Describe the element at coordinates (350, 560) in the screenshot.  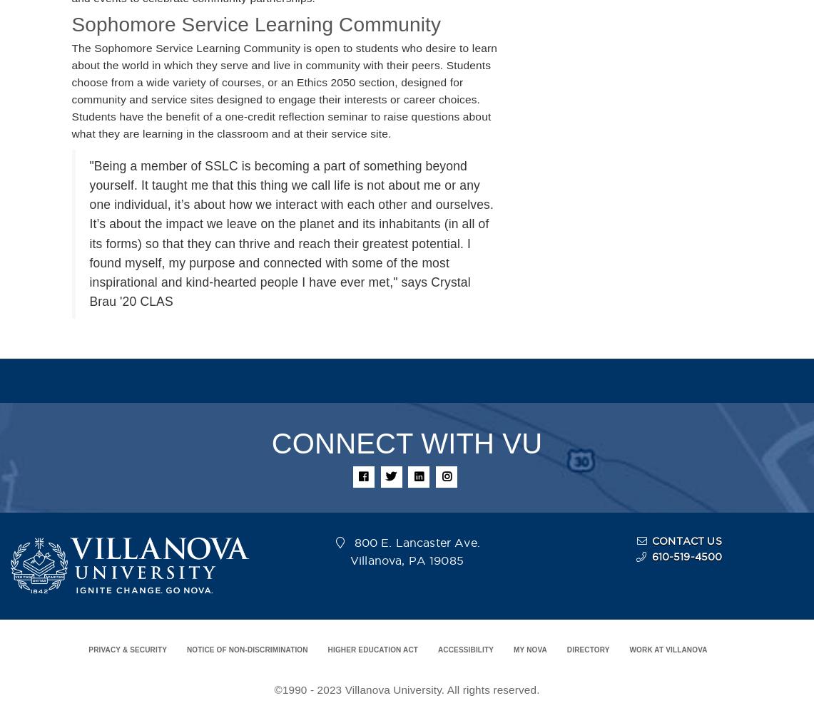
I see `'Villanova, PA 19085'` at that location.